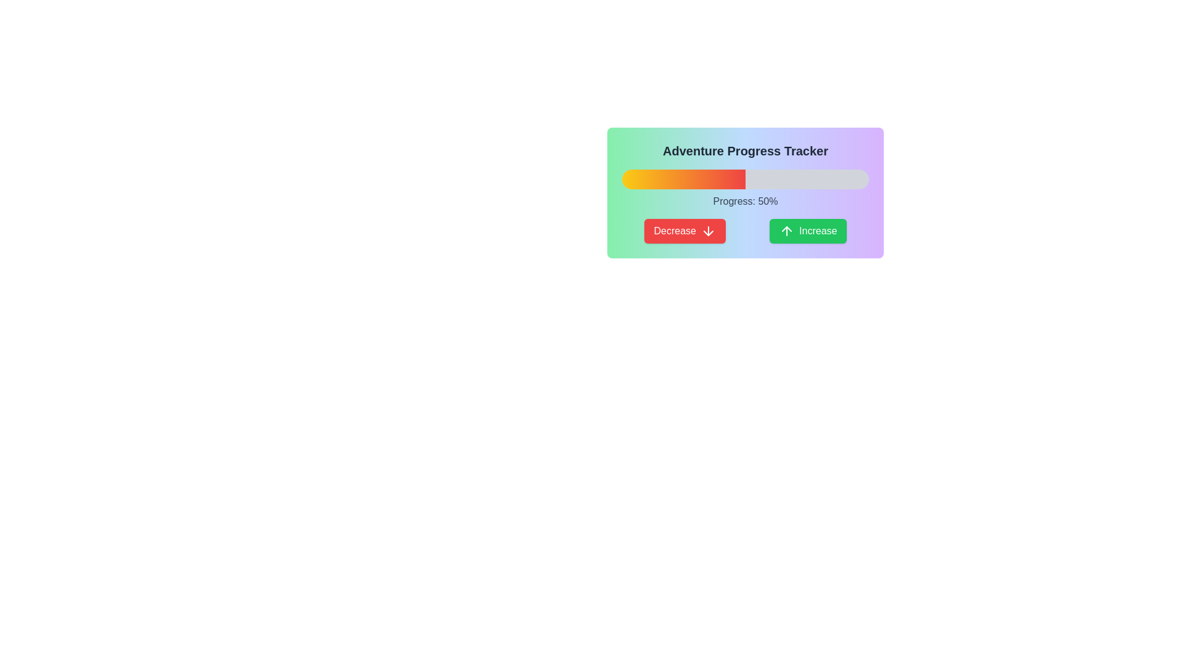 The image size is (1185, 666). I want to click on the icon located to the left of the text label in the 'Increase' button, which is positioned on the right side of the interface below the progress bar area, so click(786, 231).